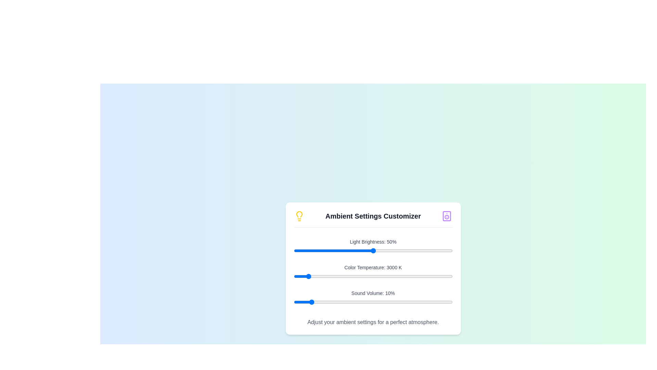 The image size is (657, 370). What do you see at coordinates (409, 276) in the screenshot?
I see `the color temperature` at bounding box center [409, 276].